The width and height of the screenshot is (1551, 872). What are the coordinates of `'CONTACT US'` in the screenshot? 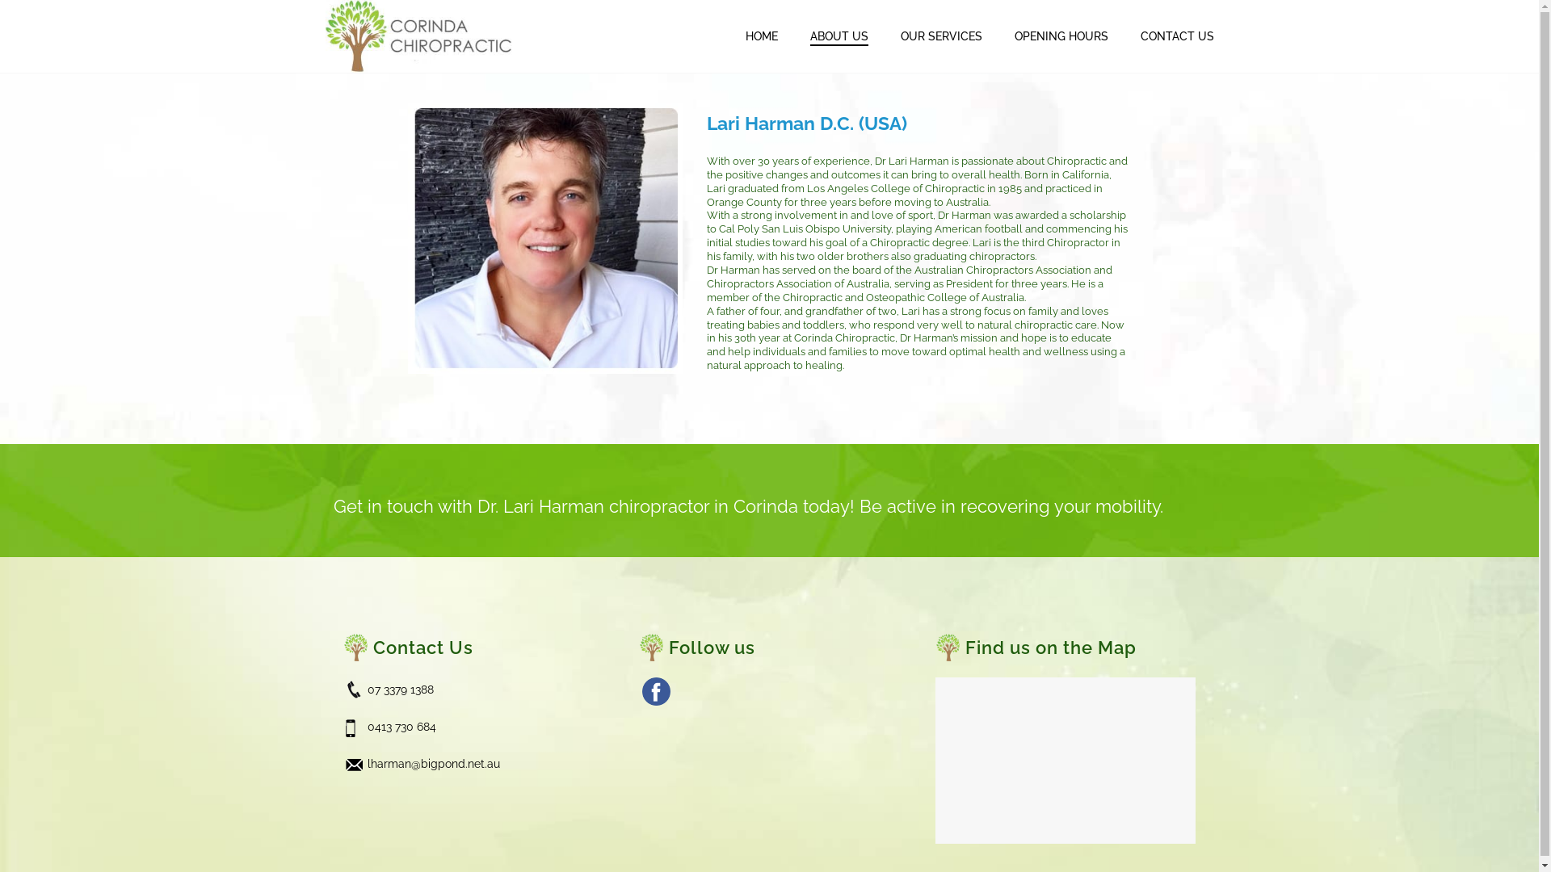 It's located at (1124, 36).